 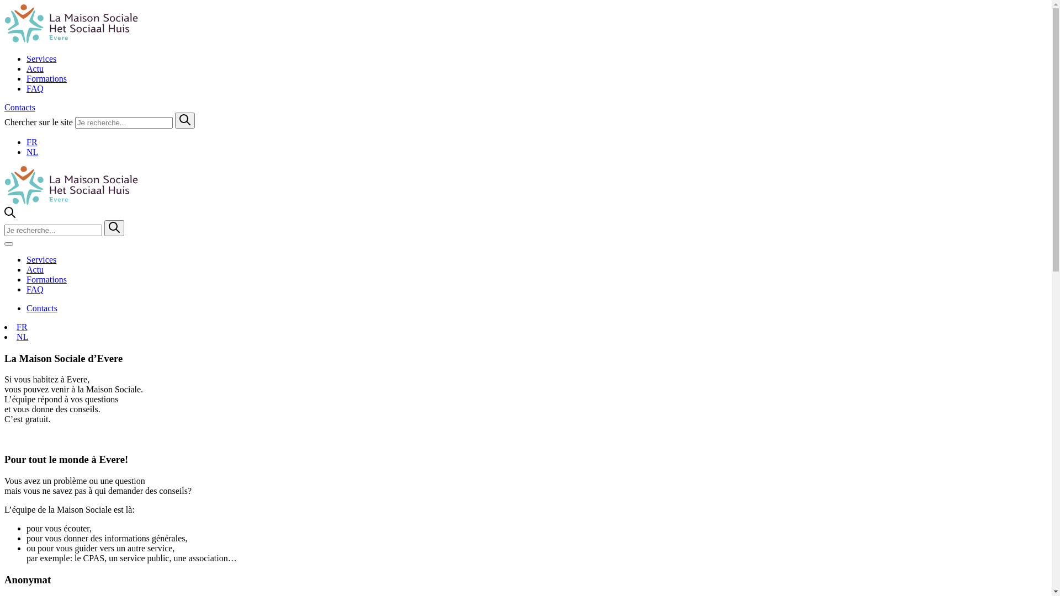 I want to click on 'Actu', so click(x=35, y=68).